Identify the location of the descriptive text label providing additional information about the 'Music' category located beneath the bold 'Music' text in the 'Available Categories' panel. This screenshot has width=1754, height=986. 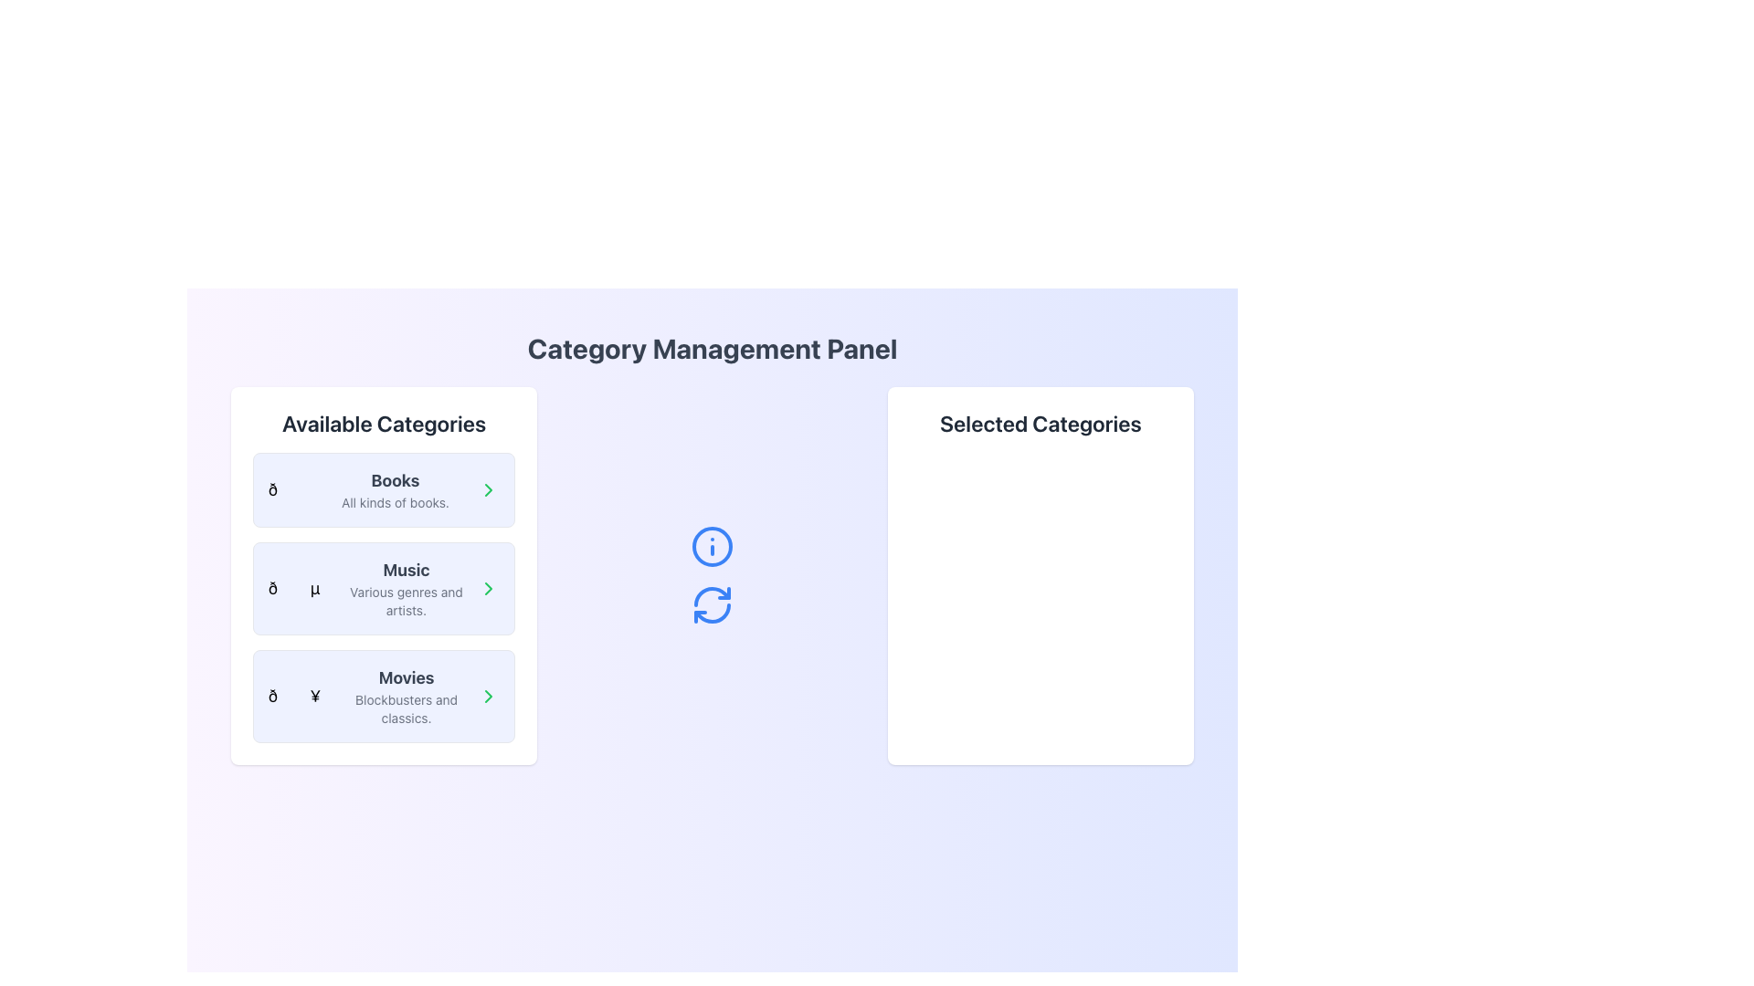
(405, 602).